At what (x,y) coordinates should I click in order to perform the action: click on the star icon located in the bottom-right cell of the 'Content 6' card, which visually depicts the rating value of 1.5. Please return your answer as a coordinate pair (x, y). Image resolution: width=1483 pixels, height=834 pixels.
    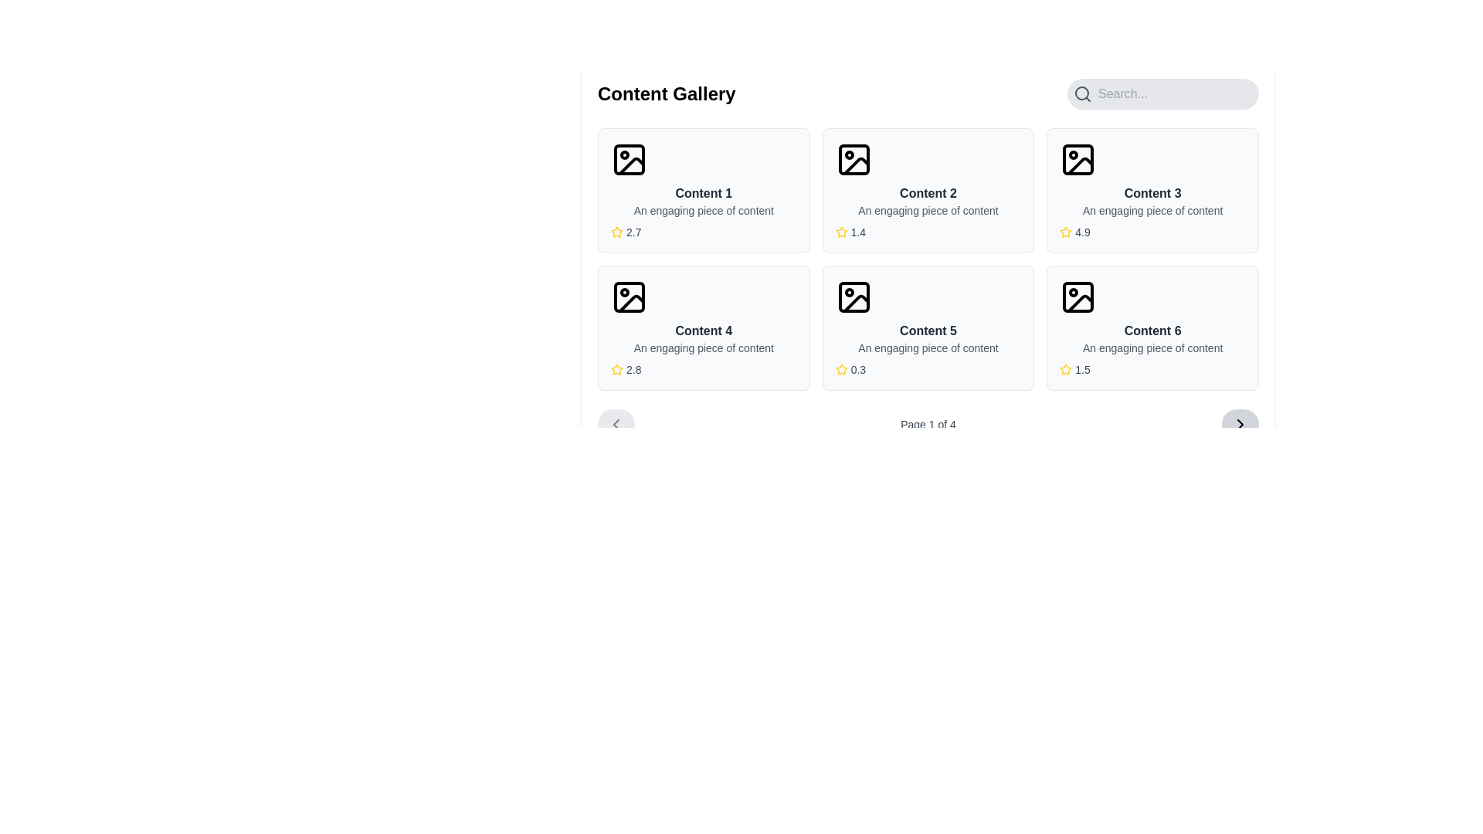
    Looking at the image, I should click on (1065, 369).